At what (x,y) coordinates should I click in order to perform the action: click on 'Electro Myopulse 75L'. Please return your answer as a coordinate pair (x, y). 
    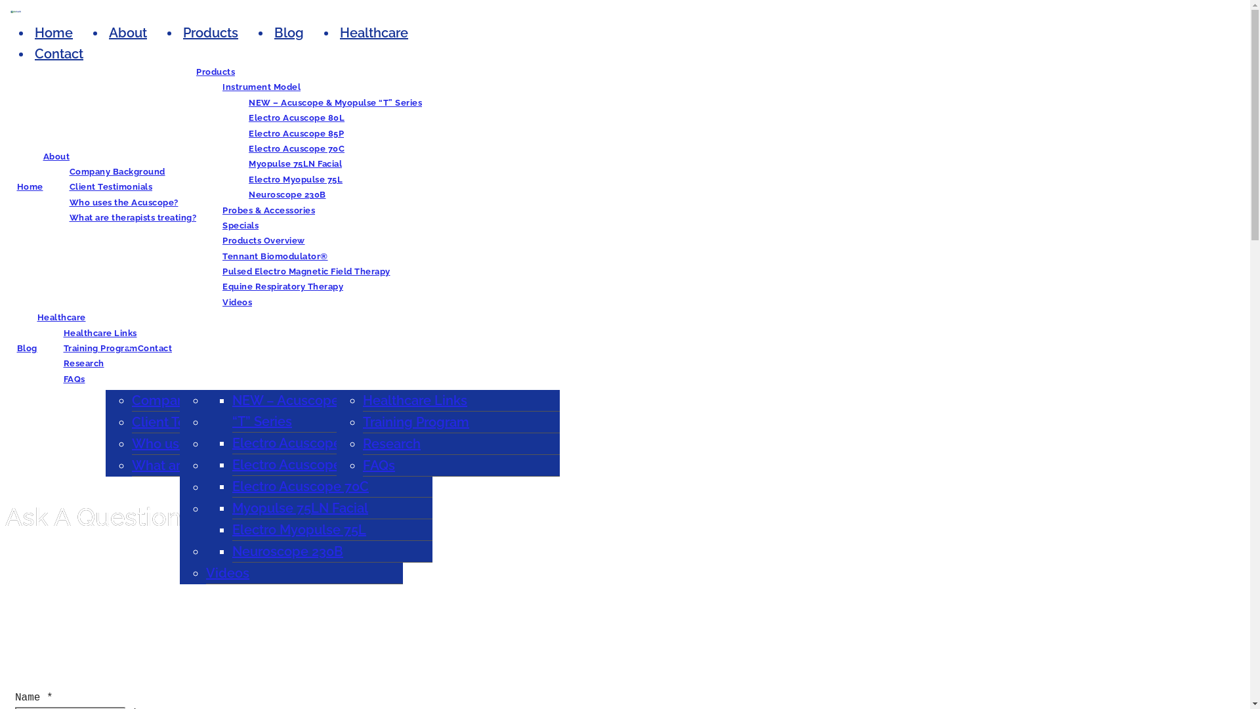
    Looking at the image, I should click on (295, 179).